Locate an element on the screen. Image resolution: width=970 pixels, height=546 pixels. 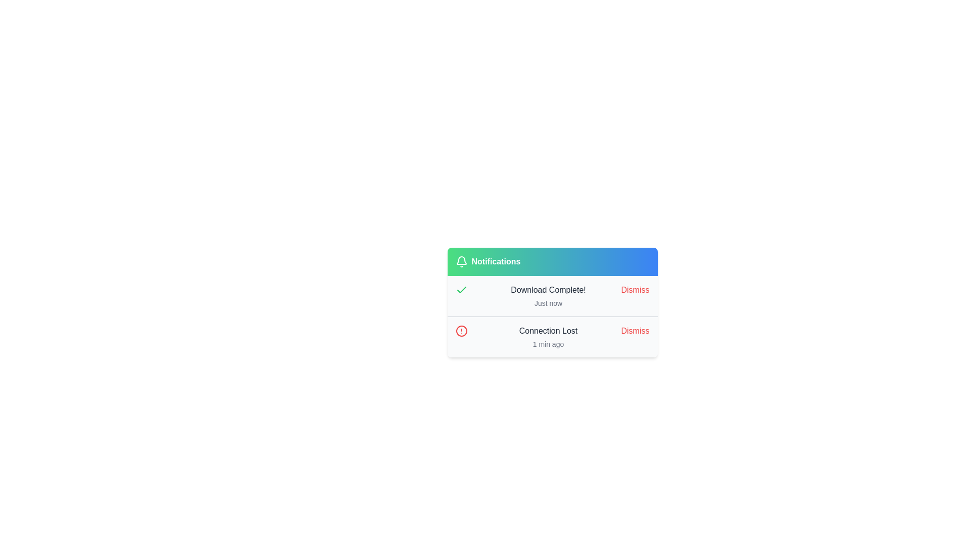
text label that indicates the notifications section, located centrally within the green-blue gradient header section of the notification panel, to the right of the bell icon is located at coordinates (496, 261).